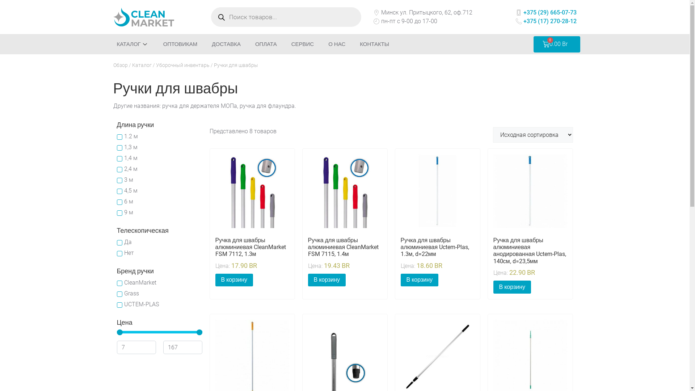 This screenshot has width=695, height=391. What do you see at coordinates (556, 44) in the screenshot?
I see `'0.00 Br'` at bounding box center [556, 44].